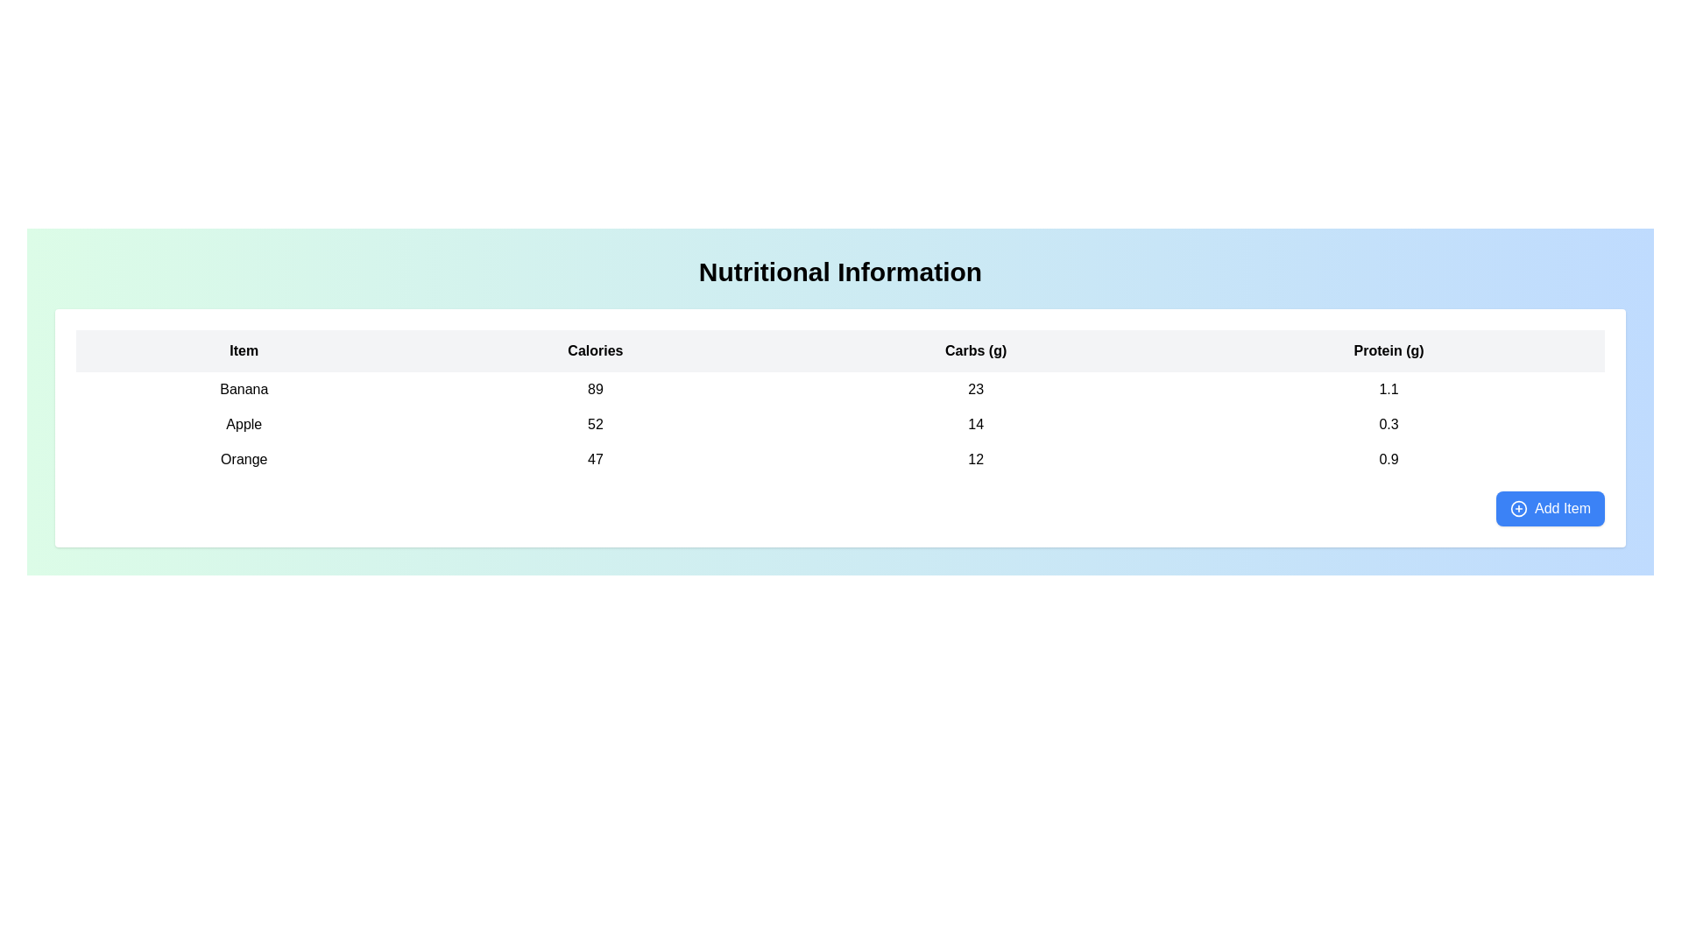 This screenshot has height=946, width=1682. I want to click on the second row of the nutritional information table displaying 'Apple', which contains values for 'Calories', 'Carbs (g)', and 'Protein (g)', for further interaction, so click(839, 425).